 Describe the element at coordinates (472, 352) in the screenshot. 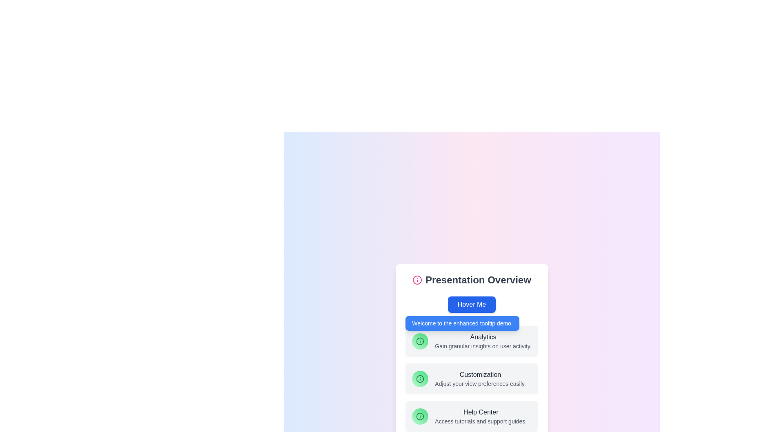

I see `the 'Hover Me' button within the 'Presentation Overview' composite element` at that location.